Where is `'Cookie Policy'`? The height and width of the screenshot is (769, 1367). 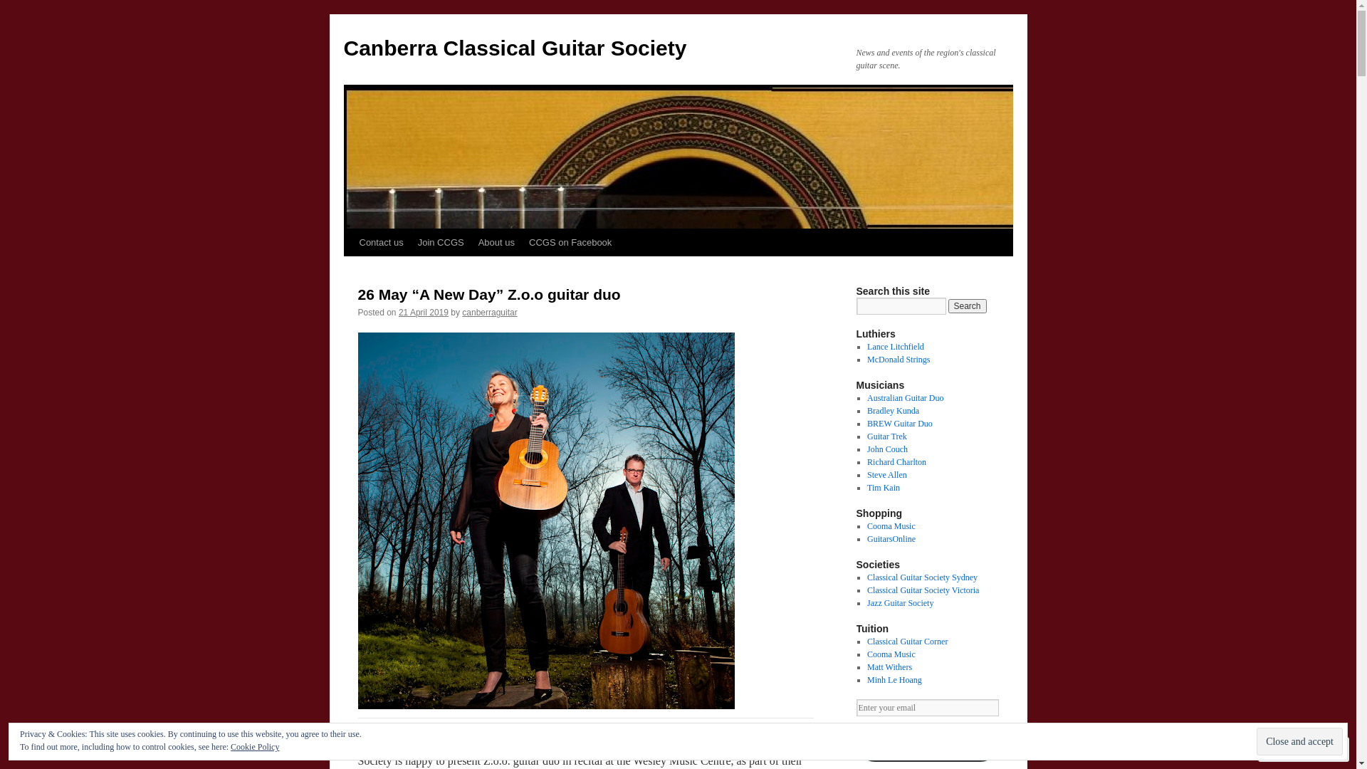
'Cookie Policy' is located at coordinates (255, 746).